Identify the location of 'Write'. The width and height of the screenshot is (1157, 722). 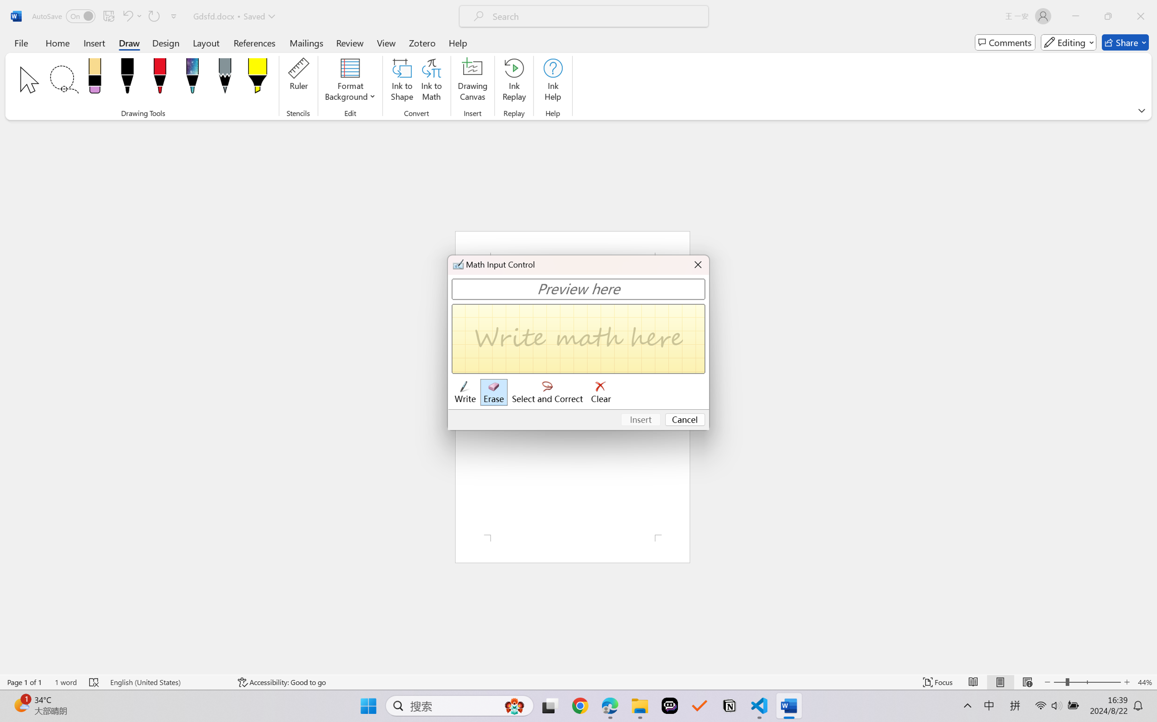
(465, 392).